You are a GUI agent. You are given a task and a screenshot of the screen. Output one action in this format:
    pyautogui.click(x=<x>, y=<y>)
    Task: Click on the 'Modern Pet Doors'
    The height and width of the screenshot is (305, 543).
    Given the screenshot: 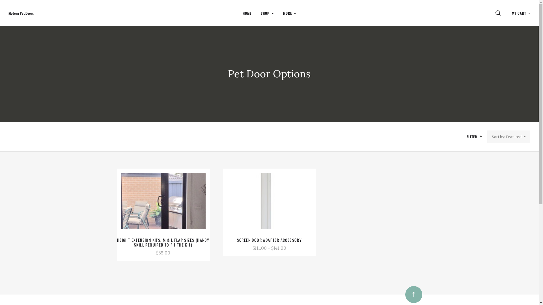 What is the action you would take?
    pyautogui.click(x=21, y=13)
    